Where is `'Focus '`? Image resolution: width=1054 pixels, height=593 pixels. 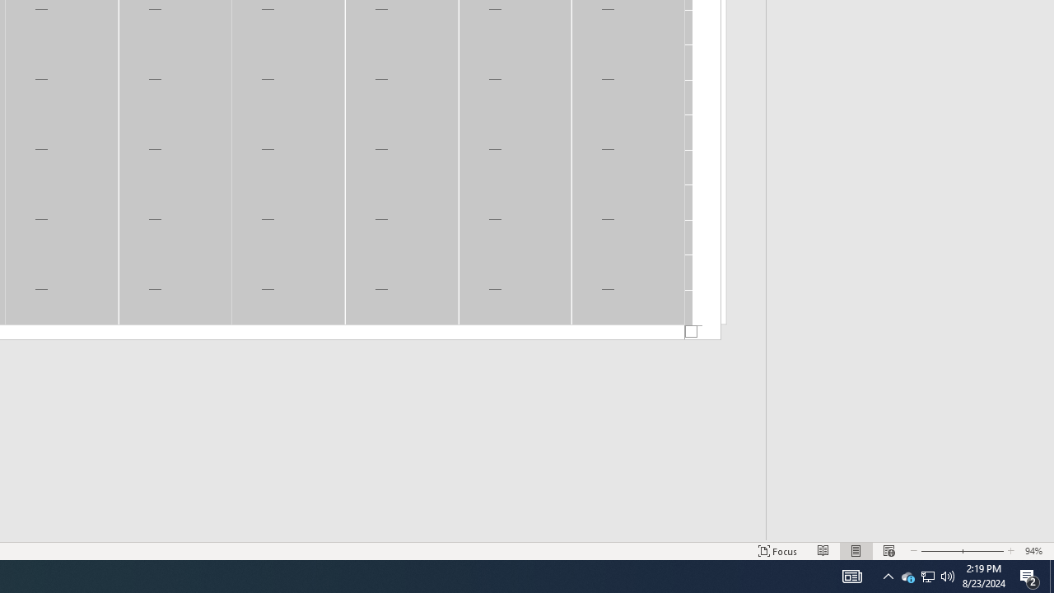 'Focus ' is located at coordinates (777, 551).